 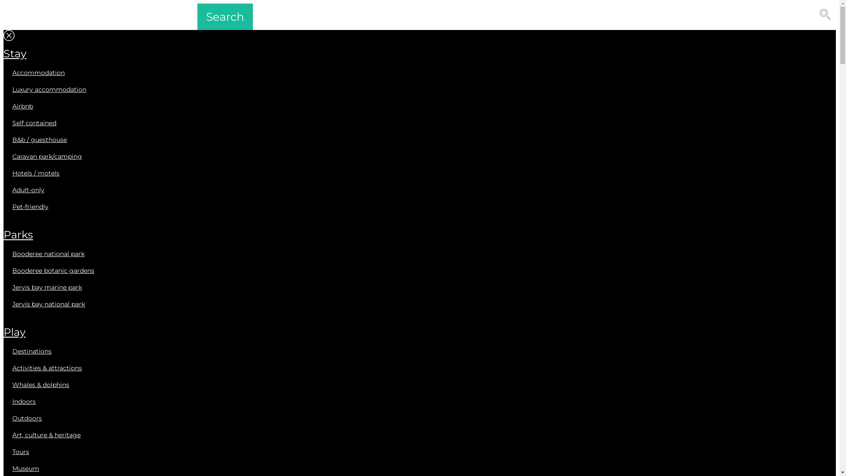 I want to click on 'Search', so click(x=197, y=17).